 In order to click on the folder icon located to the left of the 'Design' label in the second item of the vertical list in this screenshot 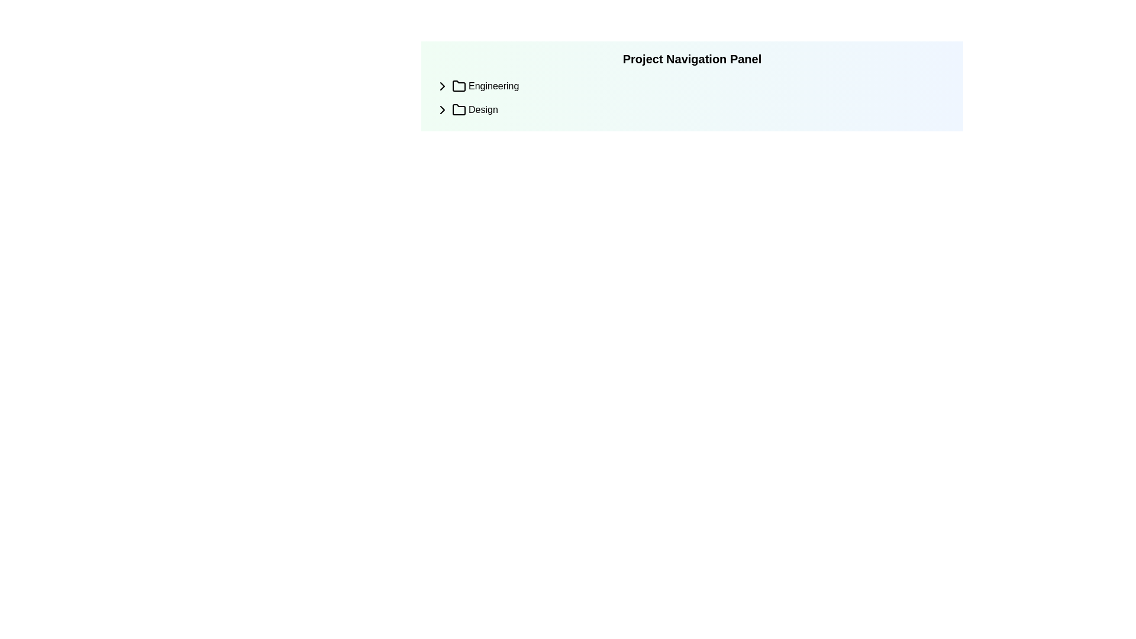, I will do `click(459, 109)`.